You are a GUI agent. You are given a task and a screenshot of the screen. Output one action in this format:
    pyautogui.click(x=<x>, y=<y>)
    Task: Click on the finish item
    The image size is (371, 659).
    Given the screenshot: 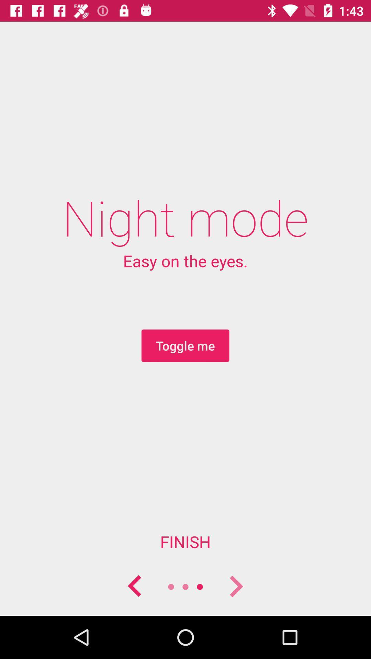 What is the action you would take?
    pyautogui.click(x=185, y=541)
    